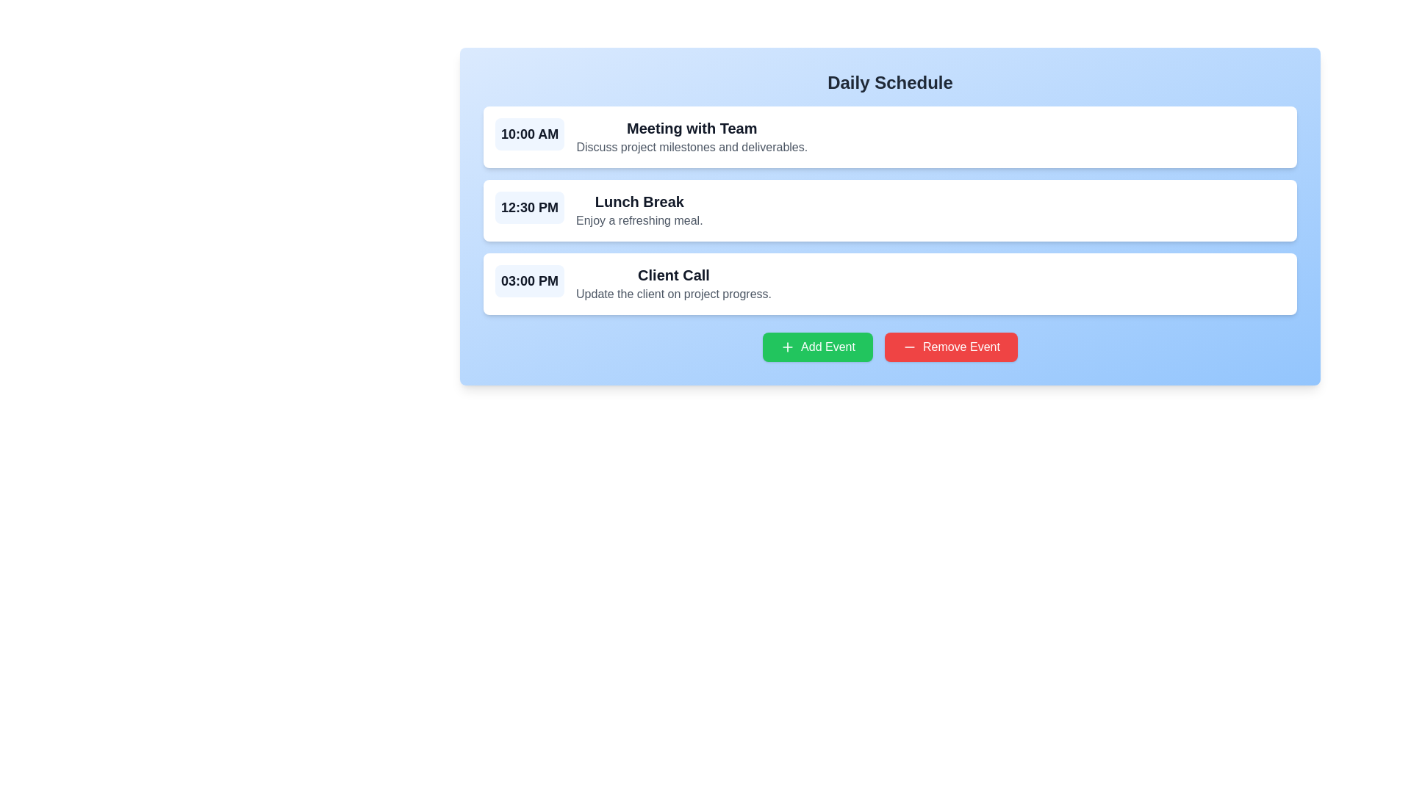 This screenshot has height=793, width=1411. Describe the element at coordinates (909, 347) in the screenshot. I see `the icon located inside the red 'Remove Event' button, which features a horizontal line and is positioned before the text 'Remove Event'` at that location.